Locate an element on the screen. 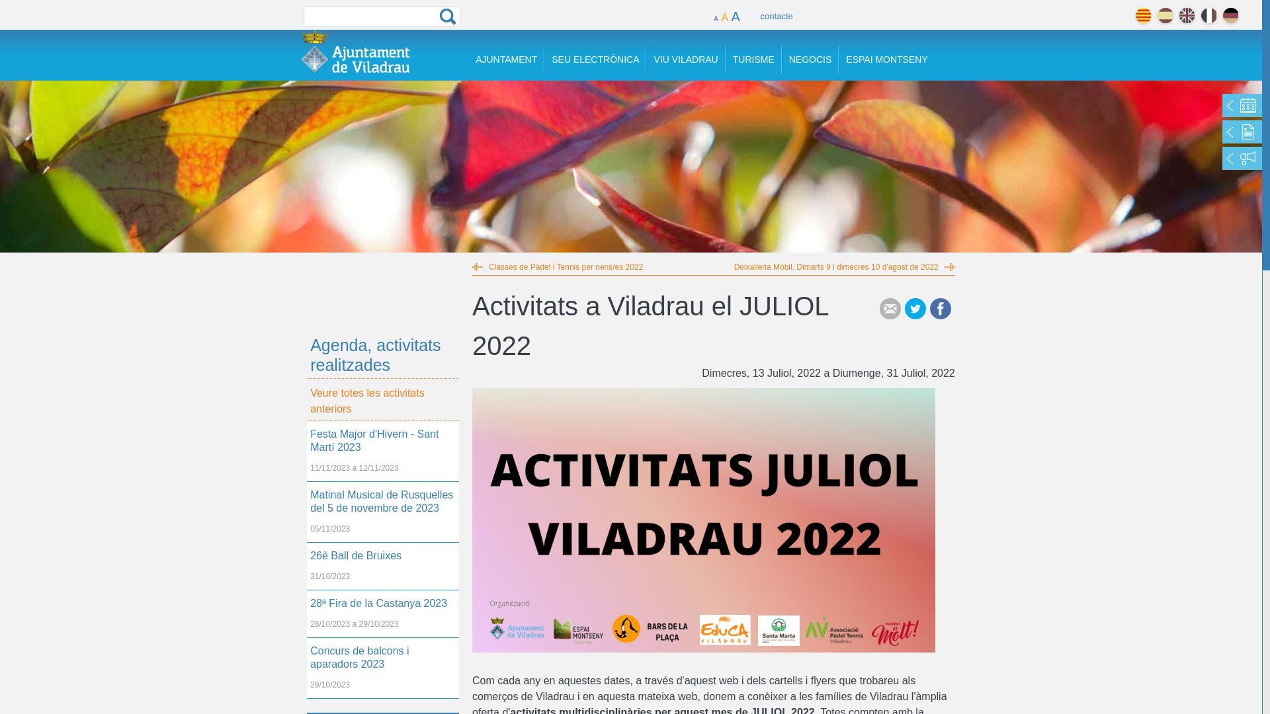 This screenshot has height=714, width=1270. 'Facebook' is located at coordinates (939, 308).